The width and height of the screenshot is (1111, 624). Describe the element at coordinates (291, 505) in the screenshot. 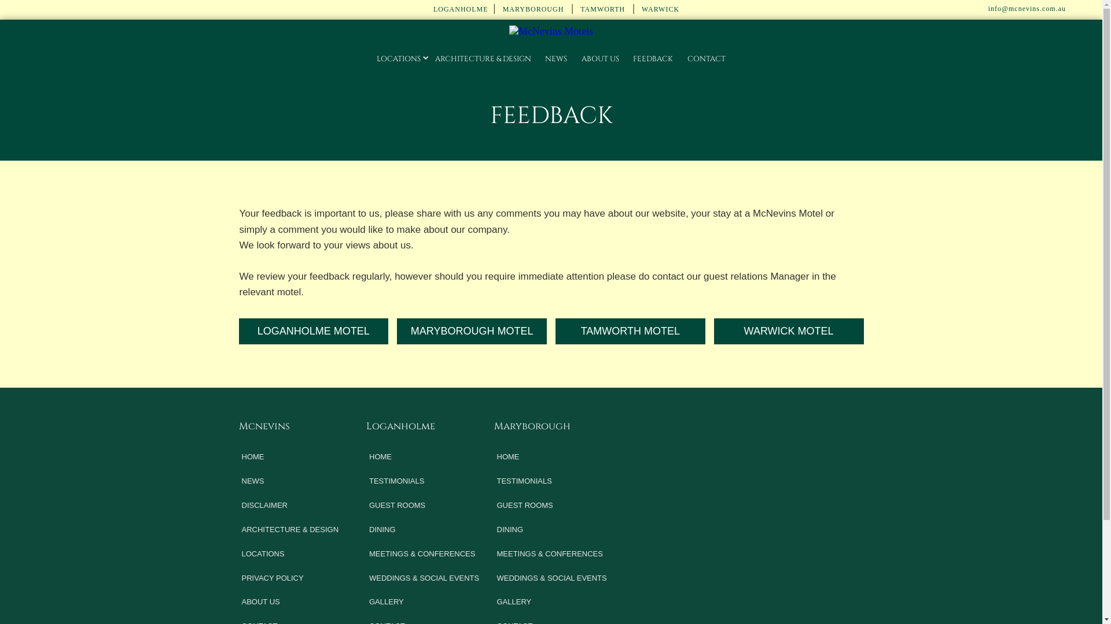

I see `'DISCLAIMER'` at that location.